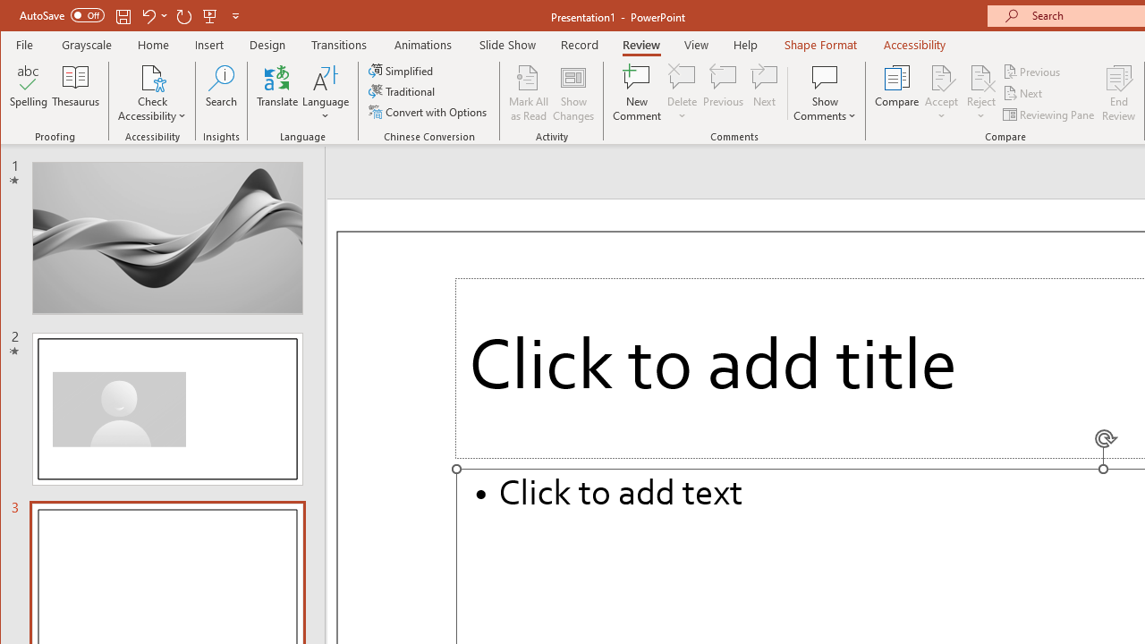 The width and height of the screenshot is (1145, 644). I want to click on 'Reject', so click(980, 93).